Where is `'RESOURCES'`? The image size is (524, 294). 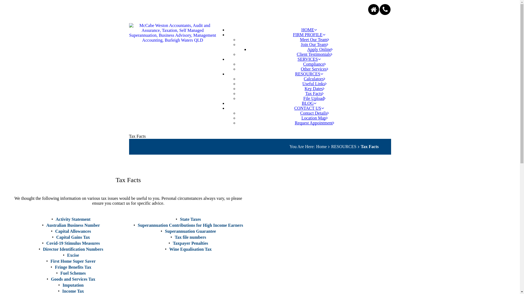 'RESOURCES' is located at coordinates (309, 74).